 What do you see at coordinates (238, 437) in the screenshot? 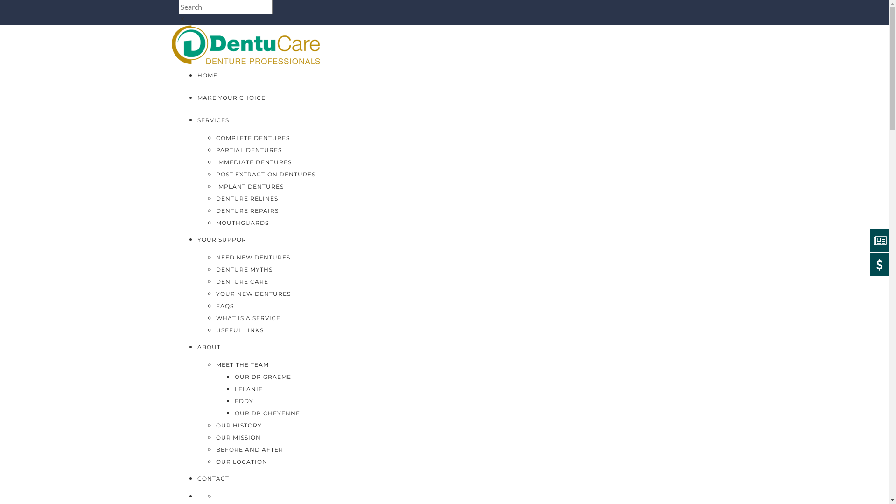
I see `'OUR MISSION'` at bounding box center [238, 437].